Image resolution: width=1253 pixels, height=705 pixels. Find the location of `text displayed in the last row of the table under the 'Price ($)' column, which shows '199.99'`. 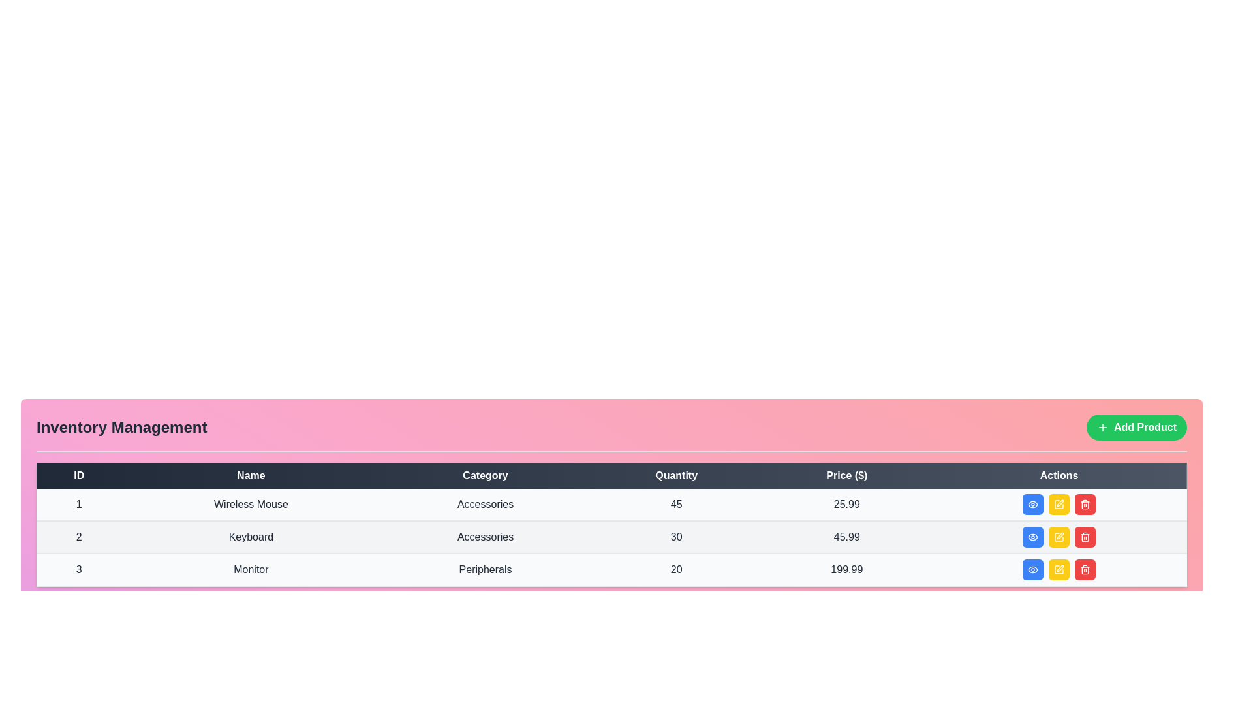

text displayed in the last row of the table under the 'Price ($)' column, which shows '199.99' is located at coordinates (846, 569).